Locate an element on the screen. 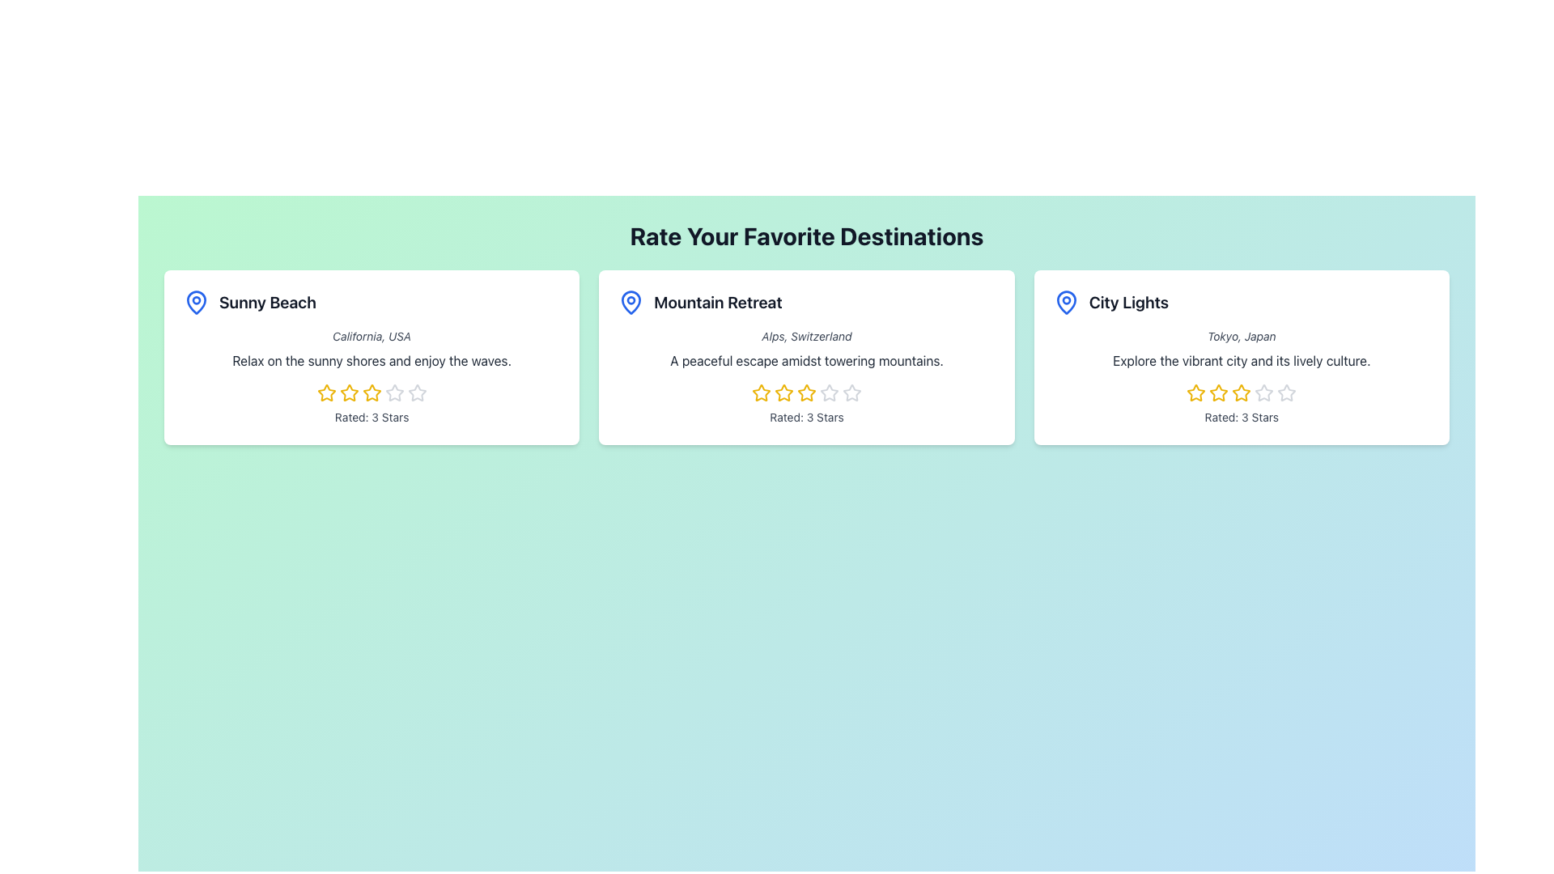  the text element 'City Lights' which is styled with a bold, large font and is positioned in the rightmost card of three, above the descriptive text and to the right of a blue map pin icon is located at coordinates (1127, 303).